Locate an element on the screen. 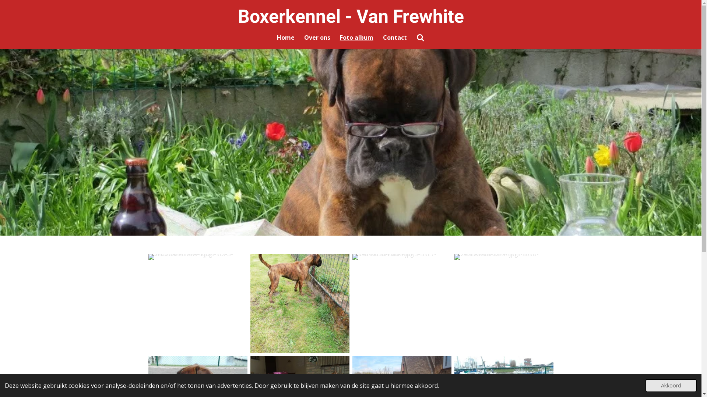  'Foto album' is located at coordinates (335, 37).